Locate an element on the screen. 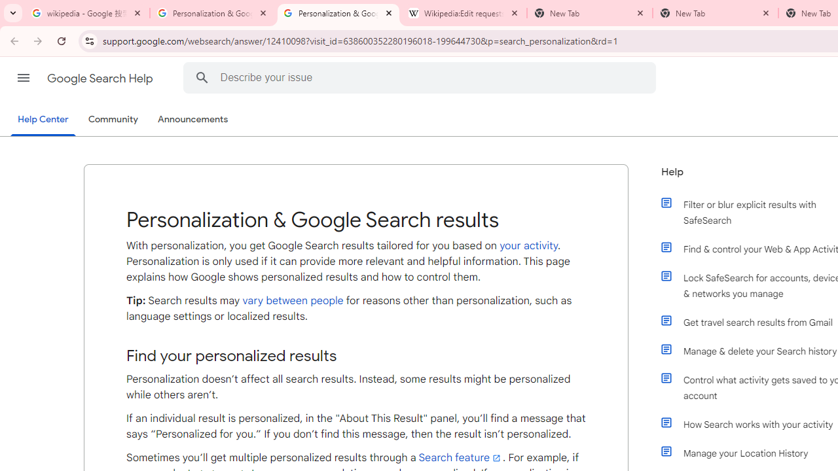 This screenshot has width=838, height=471. 'Announcements' is located at coordinates (192, 120).